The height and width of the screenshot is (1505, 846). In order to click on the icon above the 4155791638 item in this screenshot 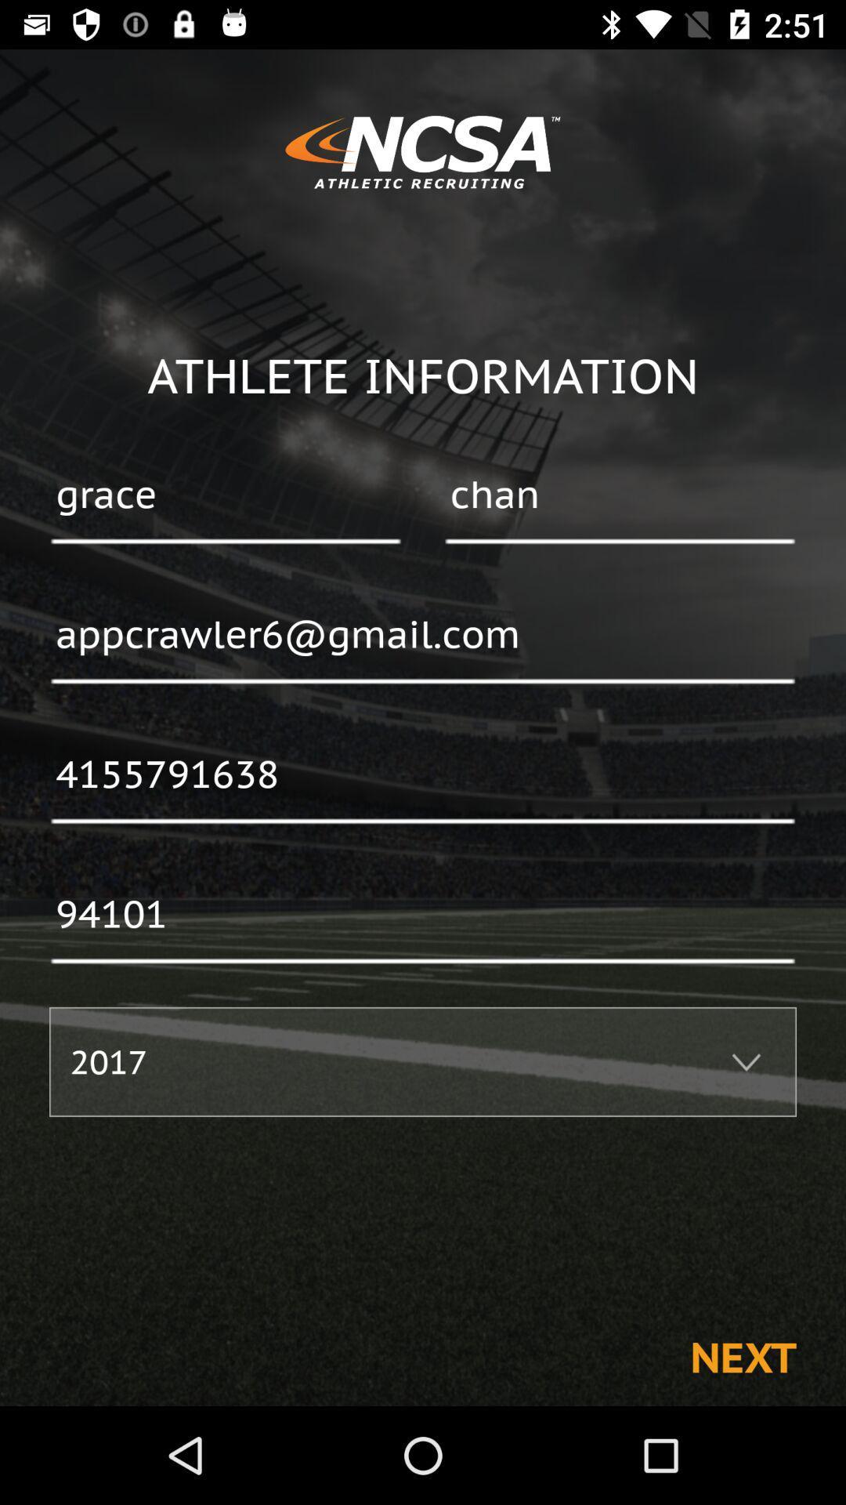, I will do `click(423, 636)`.